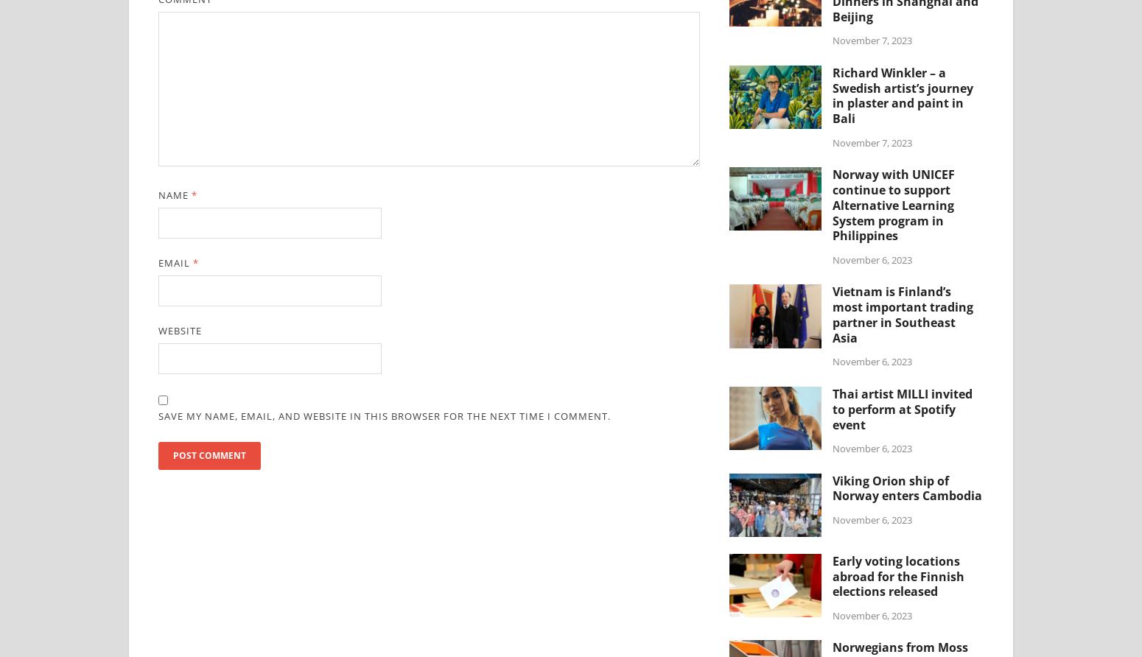  I want to click on 'Save my name, email, and website in this browser for the next time I comment.', so click(384, 415).